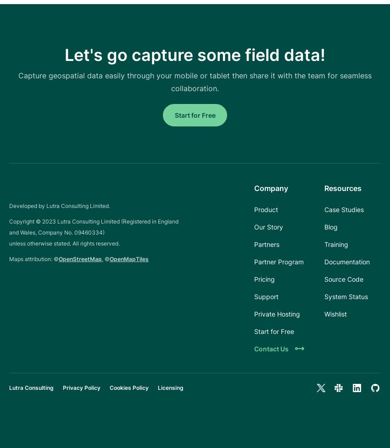  I want to click on 'OpenStreetMap', so click(80, 259).